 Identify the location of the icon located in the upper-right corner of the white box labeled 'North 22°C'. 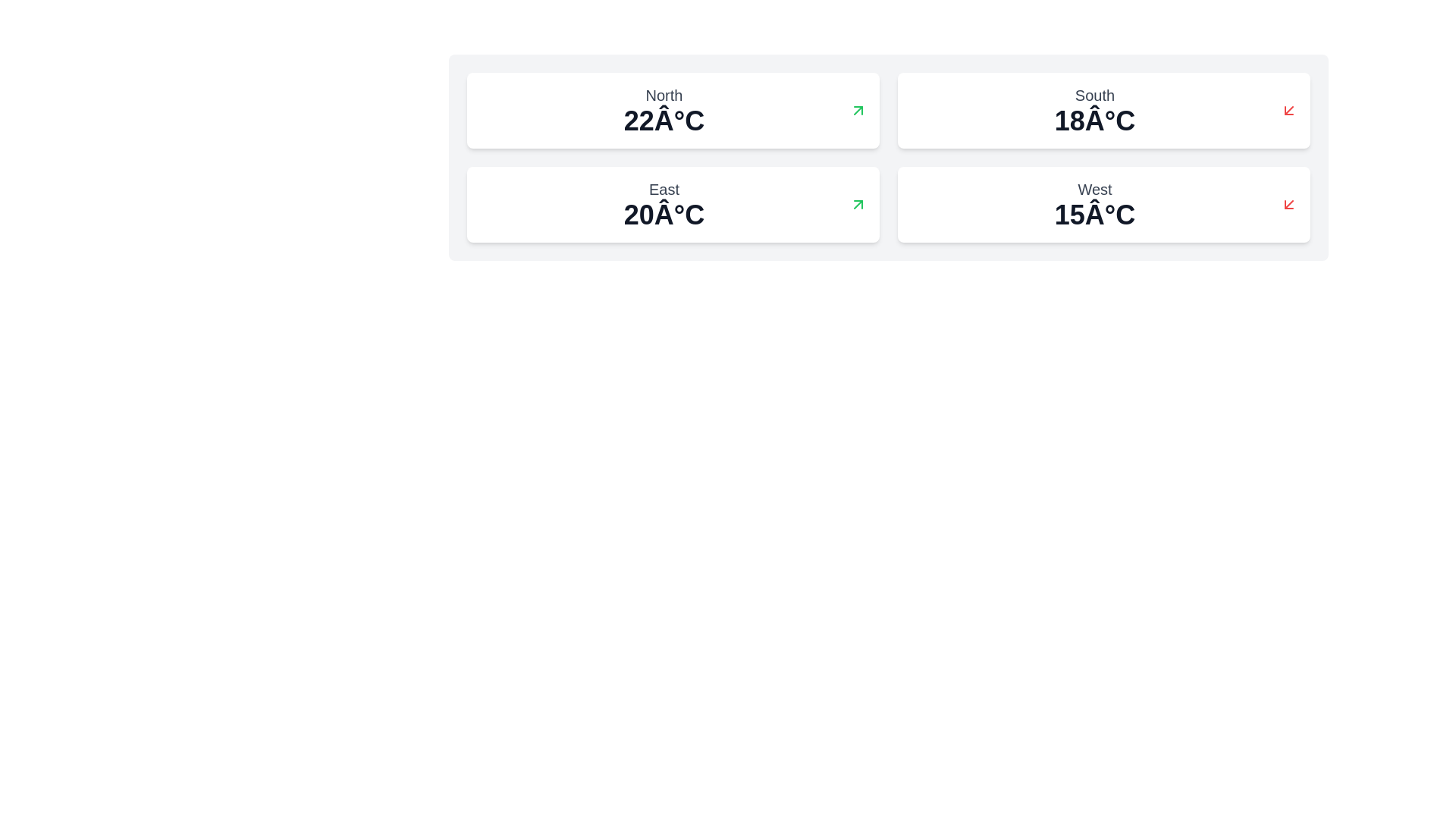
(858, 110).